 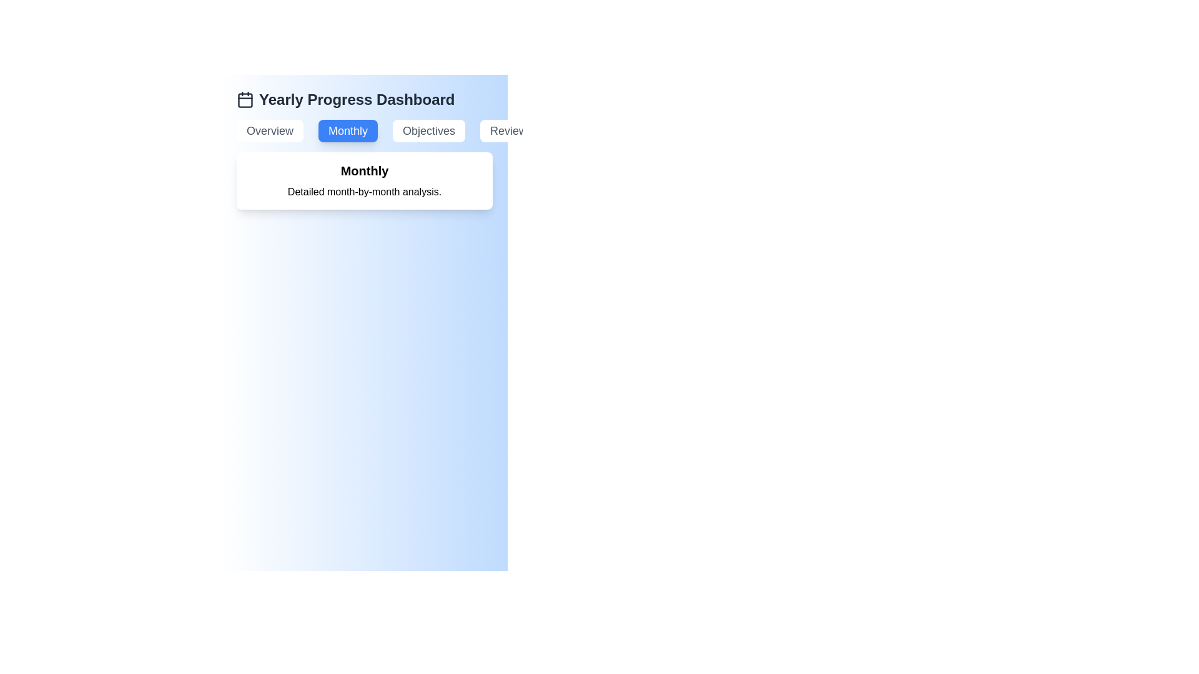 What do you see at coordinates (348, 130) in the screenshot?
I see `the tab labeled 'Monthly' to activate it` at bounding box center [348, 130].